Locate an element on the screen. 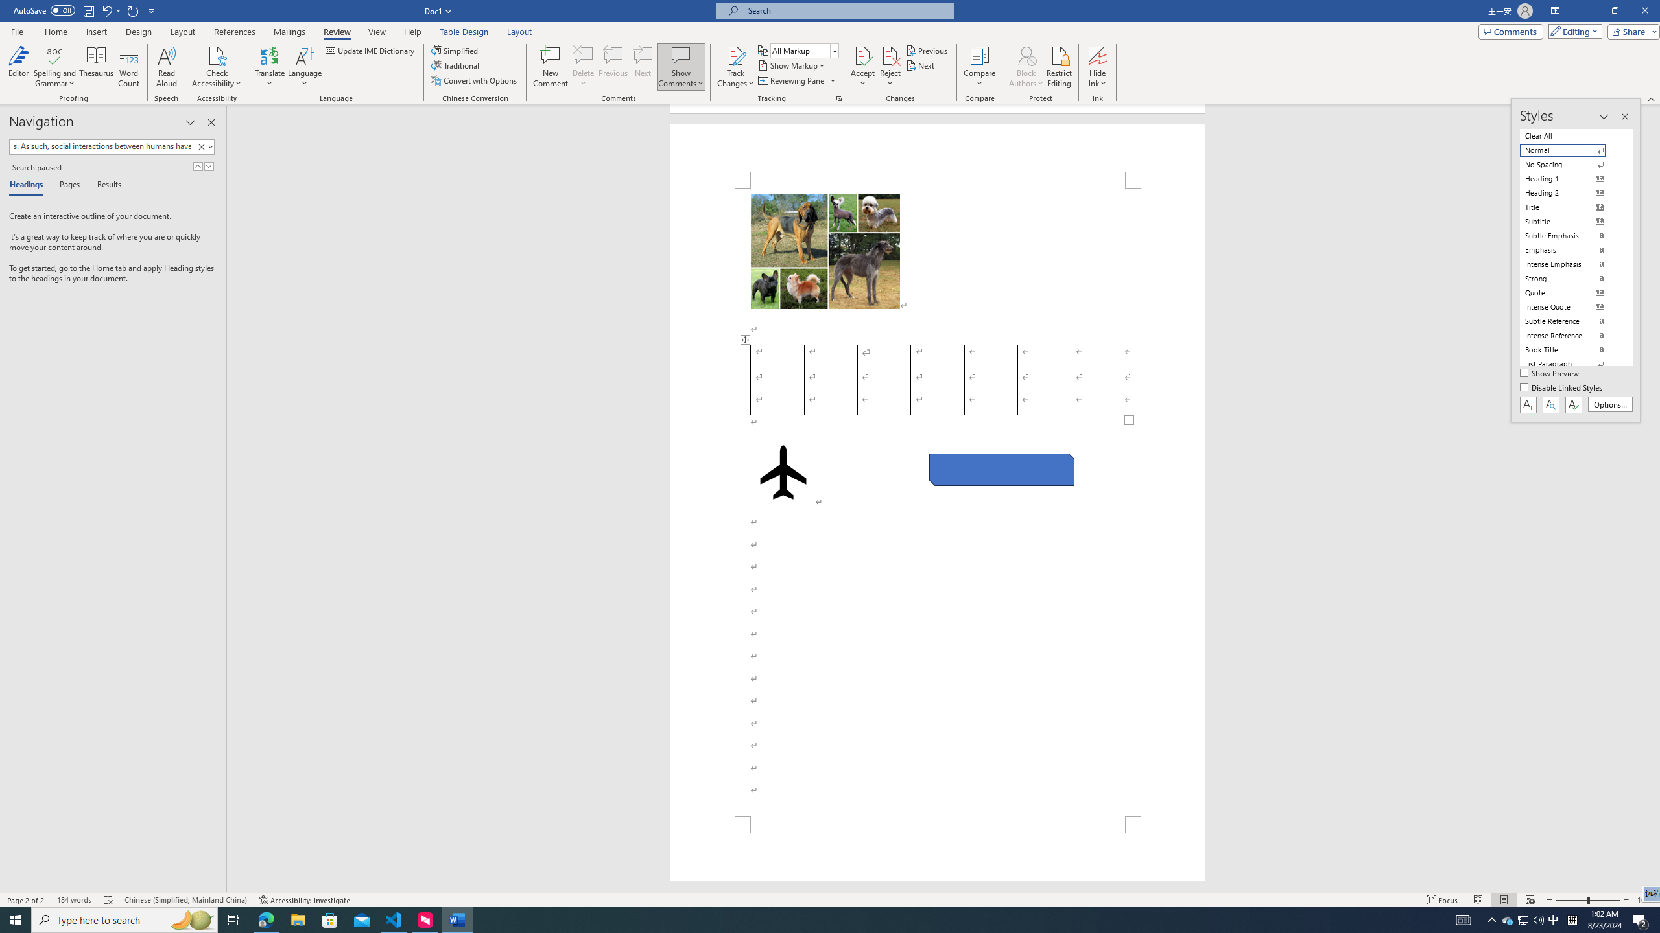  'Quote' is located at coordinates (1571, 292).